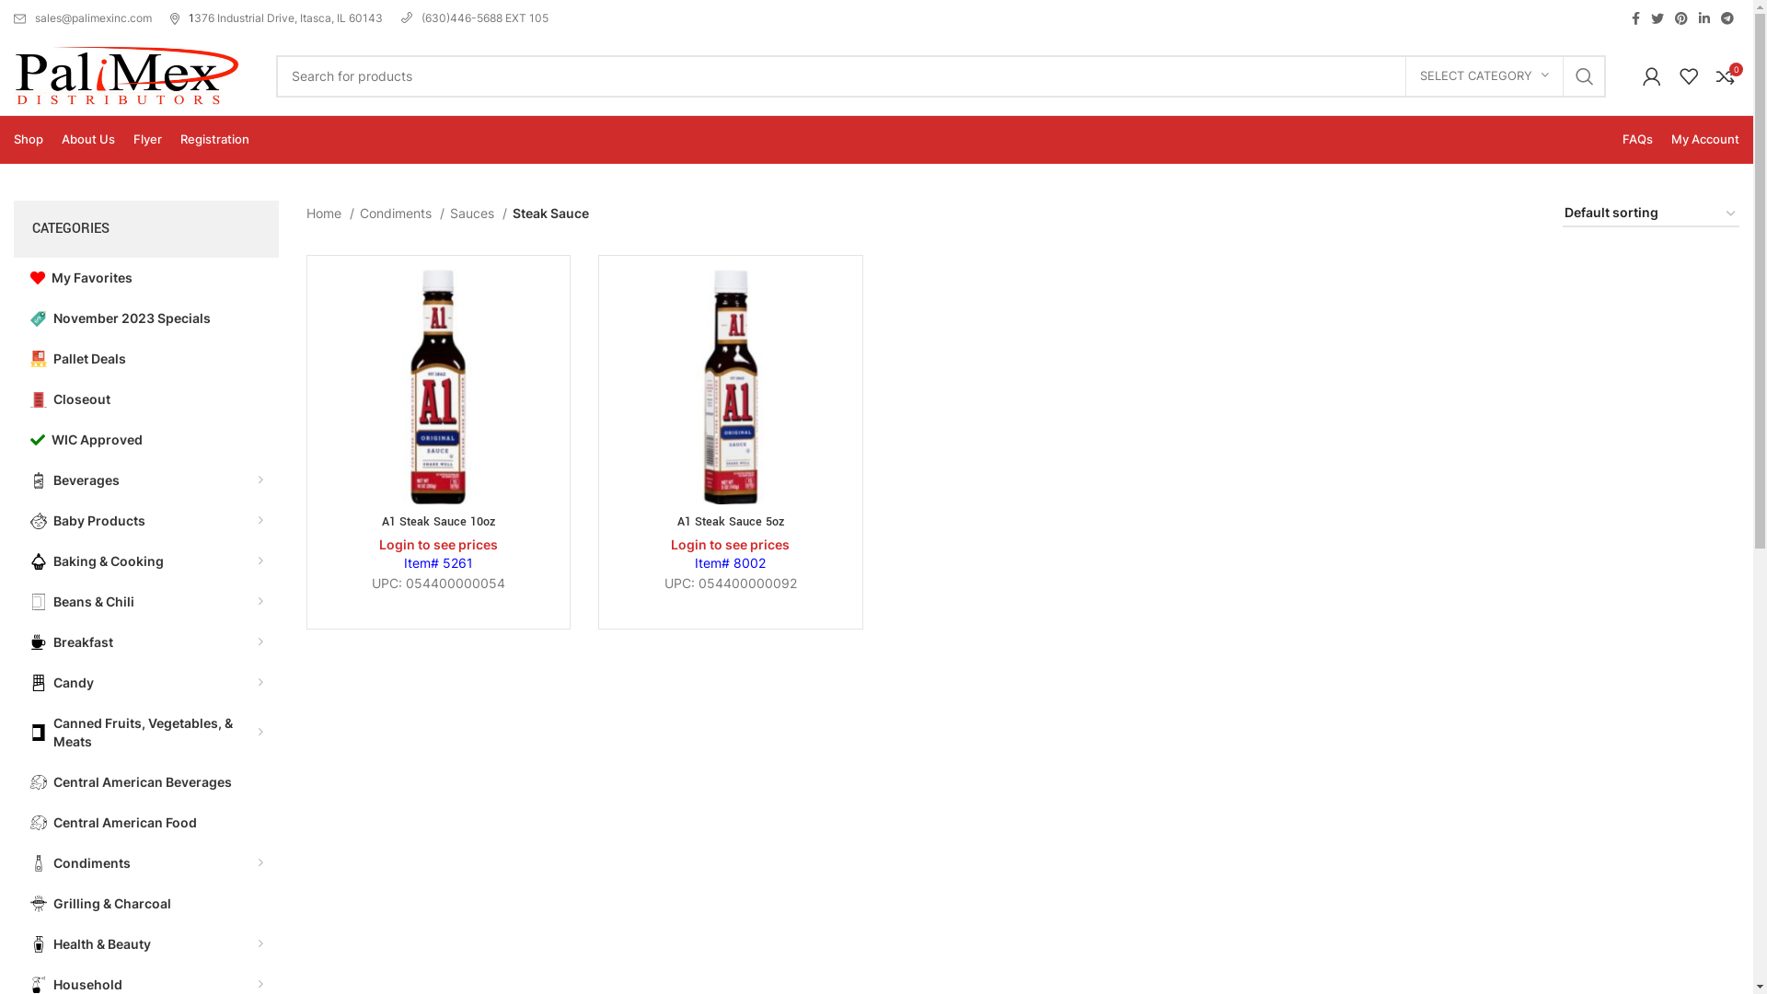 The height and width of the screenshot is (994, 1767). I want to click on 'A1 Steak Sauce 10oz', so click(380, 522).